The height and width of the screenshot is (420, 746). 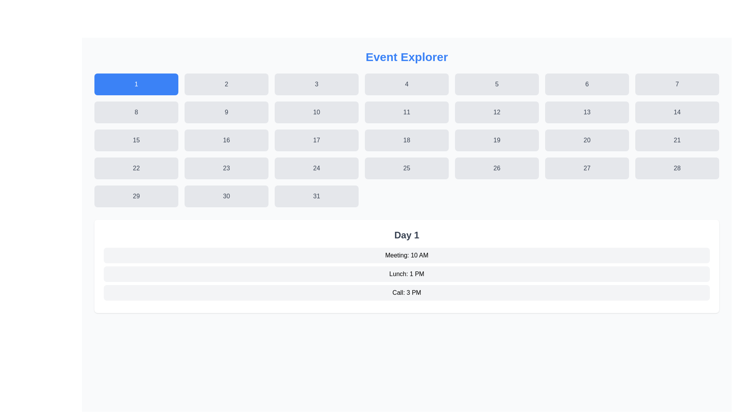 What do you see at coordinates (136, 196) in the screenshot?
I see `the rectangular button labeled '29' with a light gray background and rounded corners` at bounding box center [136, 196].